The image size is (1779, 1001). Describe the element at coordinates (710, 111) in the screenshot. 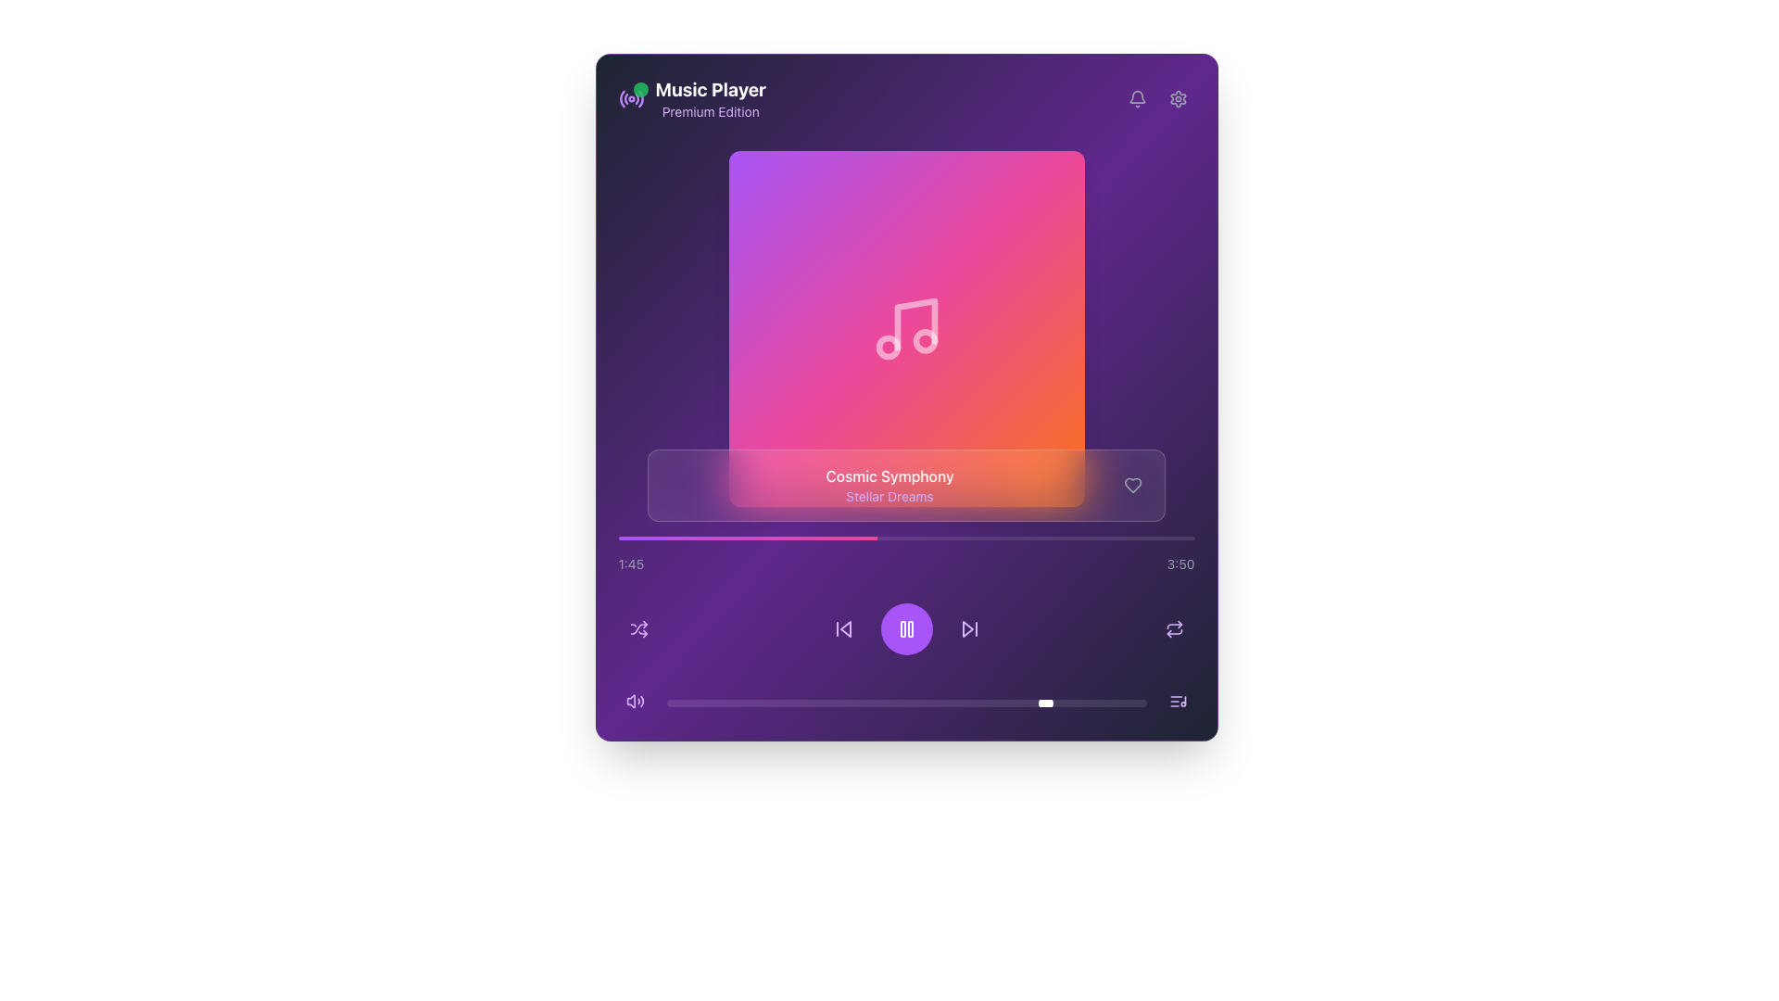

I see `text label displaying 'Premium Edition', which is styled with a small font size and purple coloring, located below the 'Music Player' text` at that location.